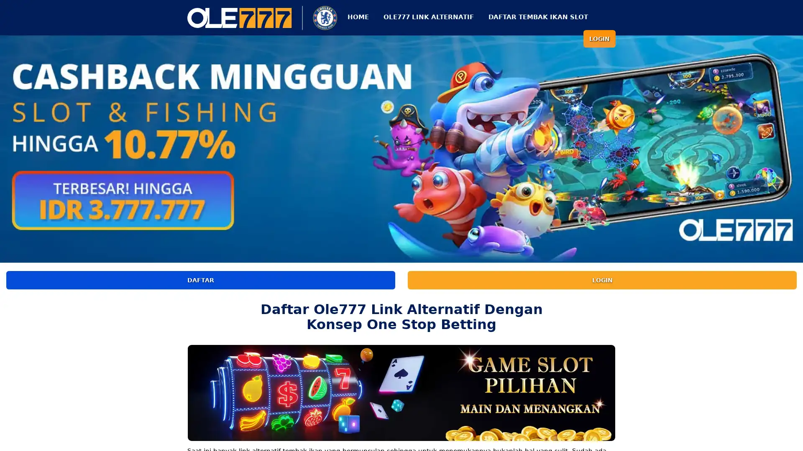 This screenshot has height=451, width=803. Describe the element at coordinates (795, 147) in the screenshot. I see `Next item in carousel (1 of 1)` at that location.